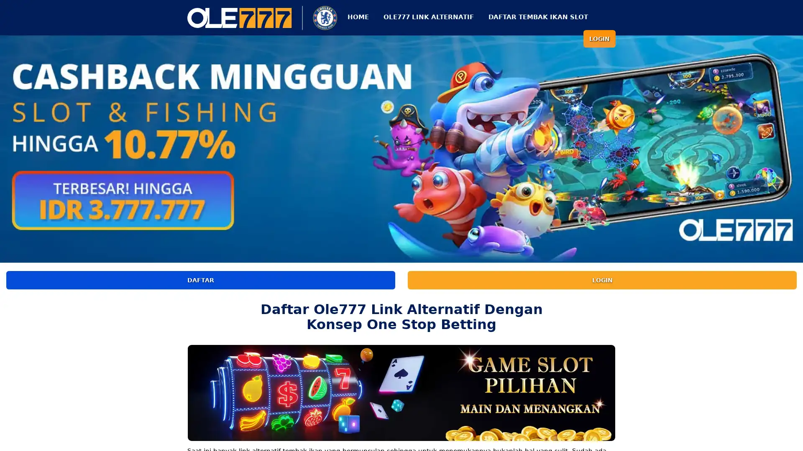 This screenshot has height=451, width=803. Describe the element at coordinates (795, 147) in the screenshot. I see `Next item in carousel (1 of 1)` at that location.